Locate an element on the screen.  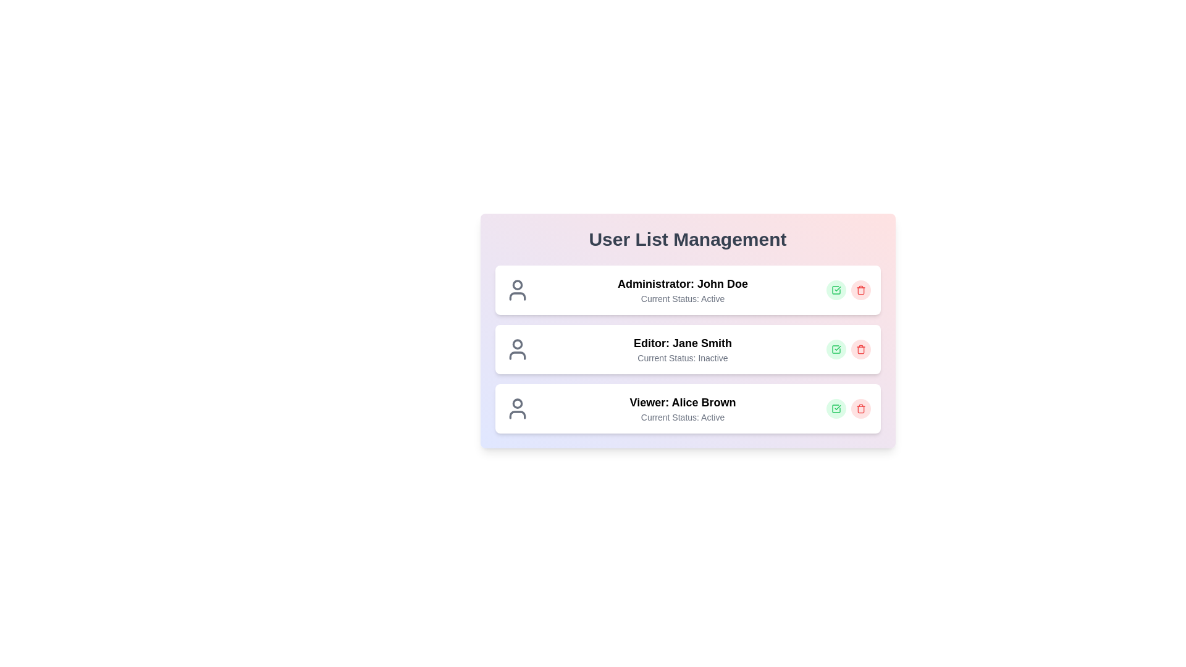
the text label displaying the current status ('Inactive') of the editor 'Jane Smith', located in the lower portion of the 'Editor: Jane Smith' section is located at coordinates (682, 358).